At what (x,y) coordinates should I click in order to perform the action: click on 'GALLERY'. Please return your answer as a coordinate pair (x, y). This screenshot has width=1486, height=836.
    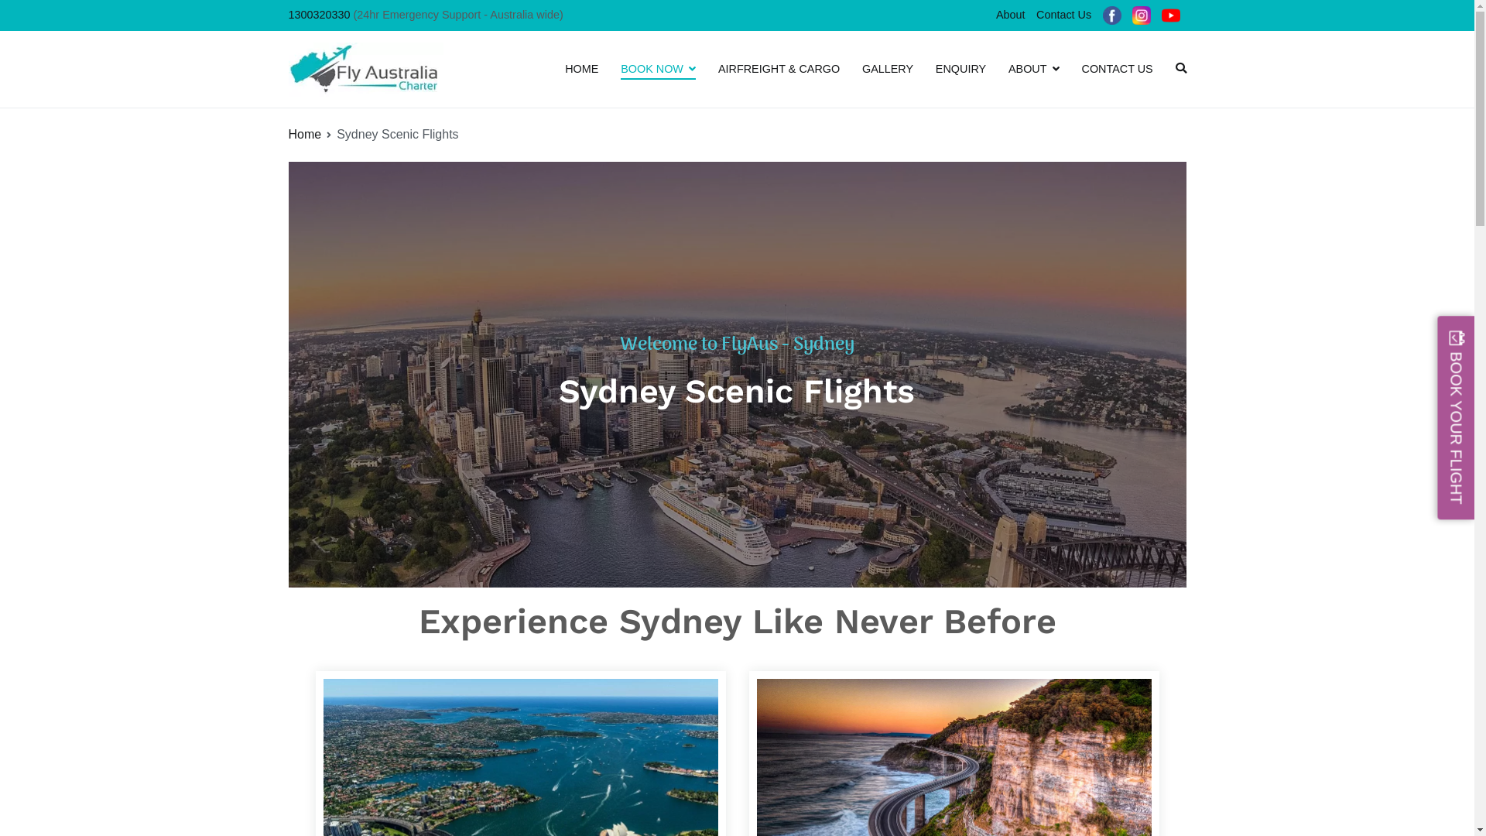
    Looking at the image, I should click on (888, 68).